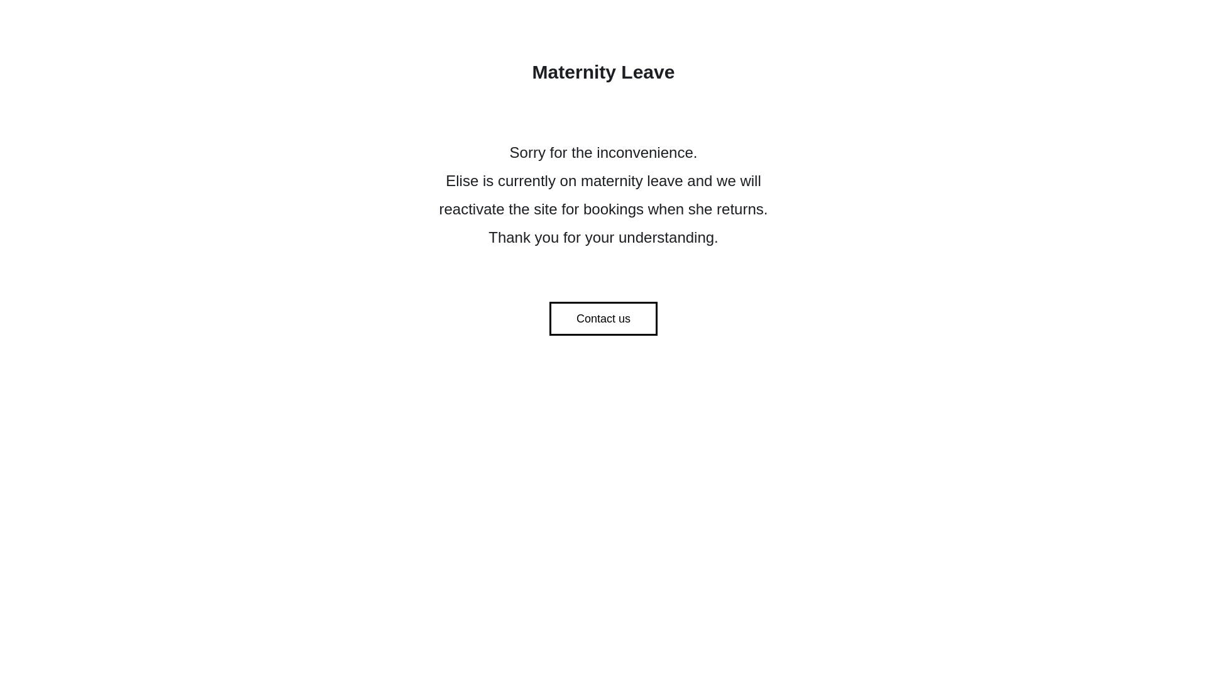  I want to click on 'Contact us', so click(603, 317).